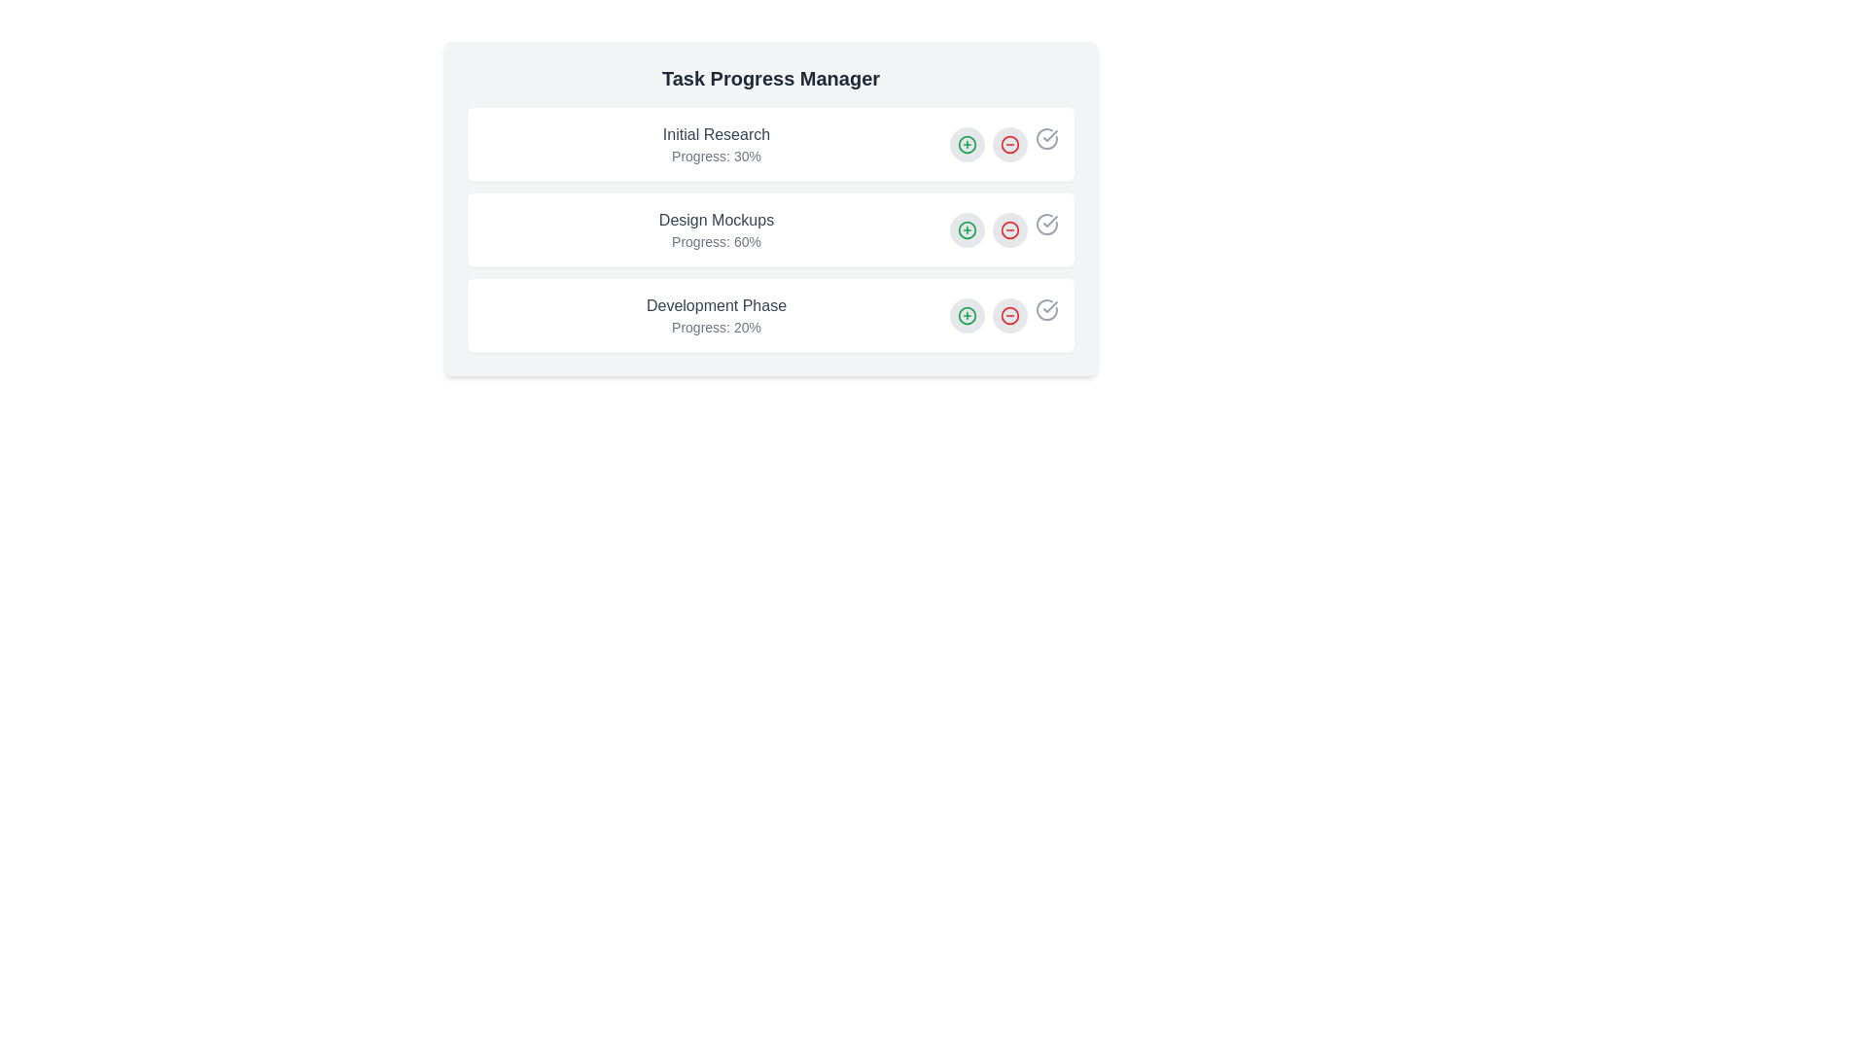  Describe the element at coordinates (1045, 309) in the screenshot. I see `the check mark icon inside a circle at the right end of the row for the 'Development Phase' task` at that location.